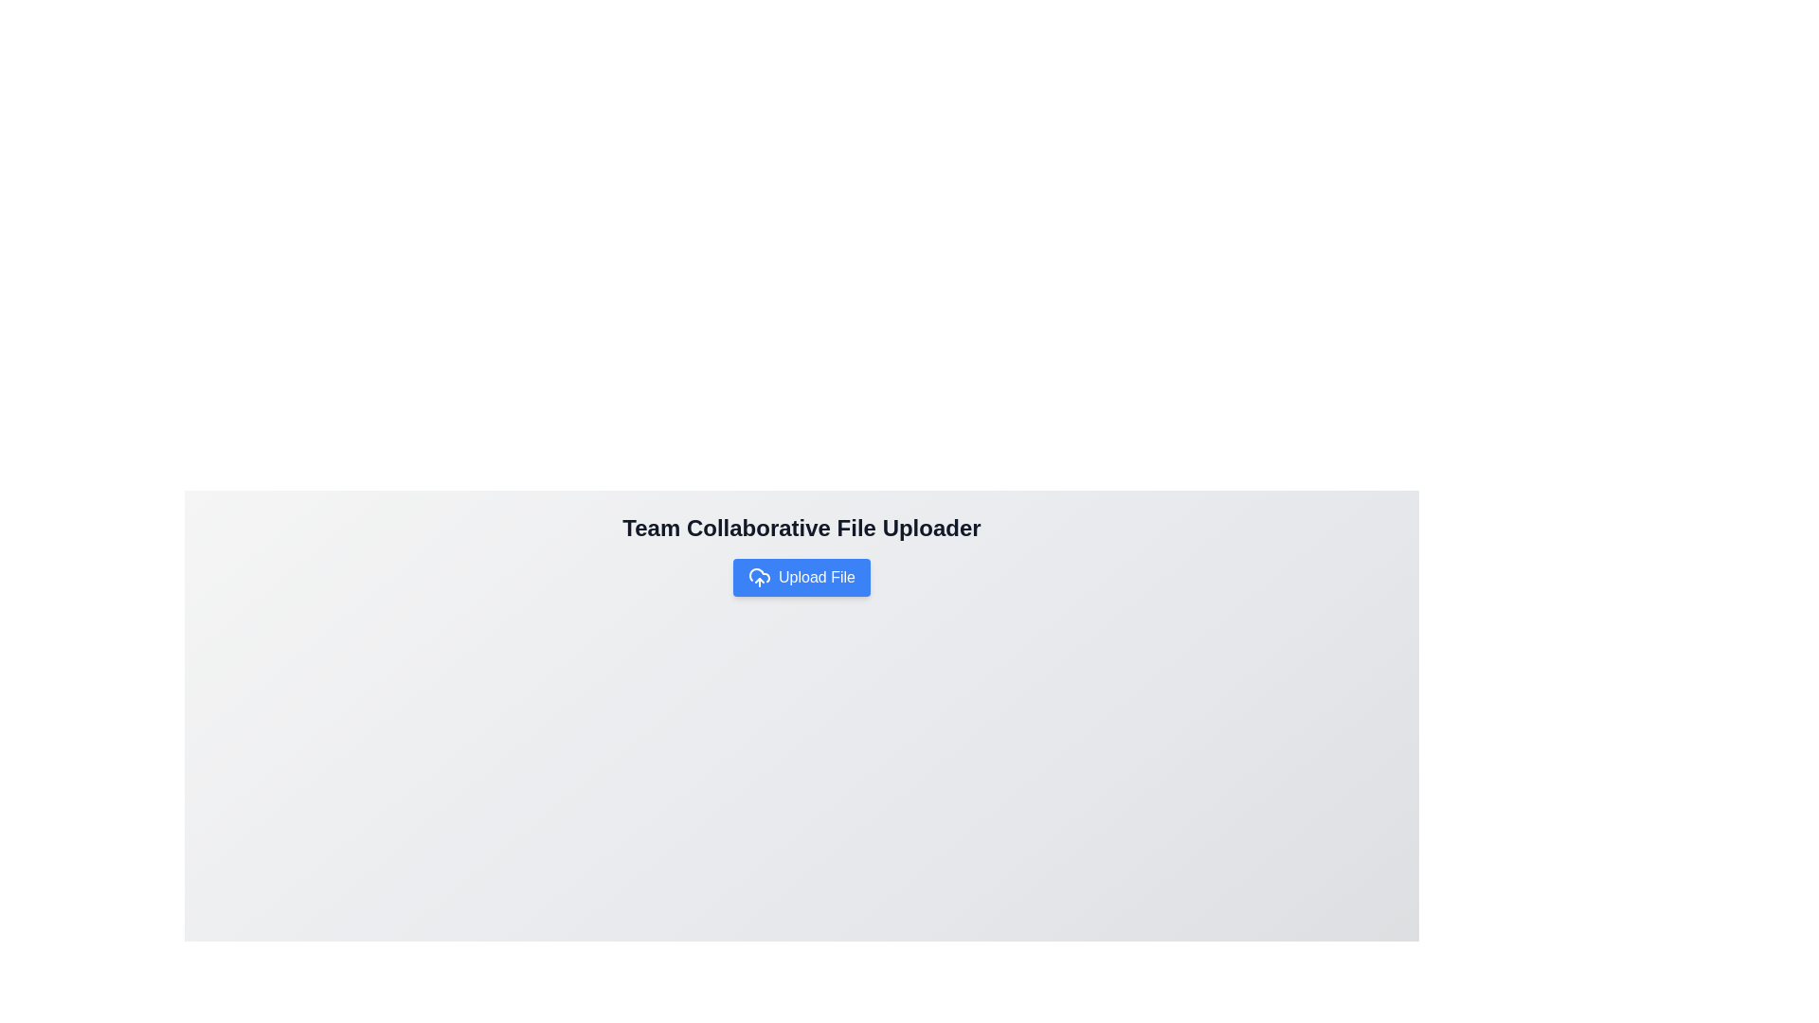 This screenshot has height=1023, width=1819. I want to click on the blue rectangular button labeled 'Upload File', so click(801, 576).